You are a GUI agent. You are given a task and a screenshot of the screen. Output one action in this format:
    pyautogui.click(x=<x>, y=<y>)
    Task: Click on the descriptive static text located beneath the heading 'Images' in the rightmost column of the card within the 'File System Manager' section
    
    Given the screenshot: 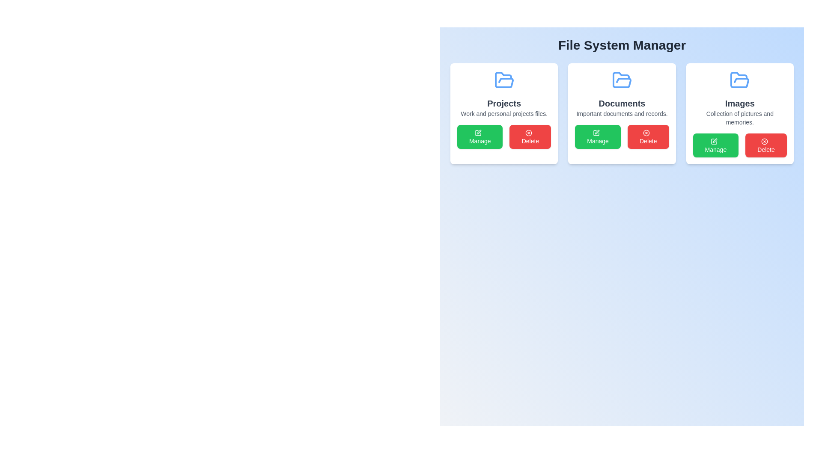 What is the action you would take?
    pyautogui.click(x=739, y=118)
    